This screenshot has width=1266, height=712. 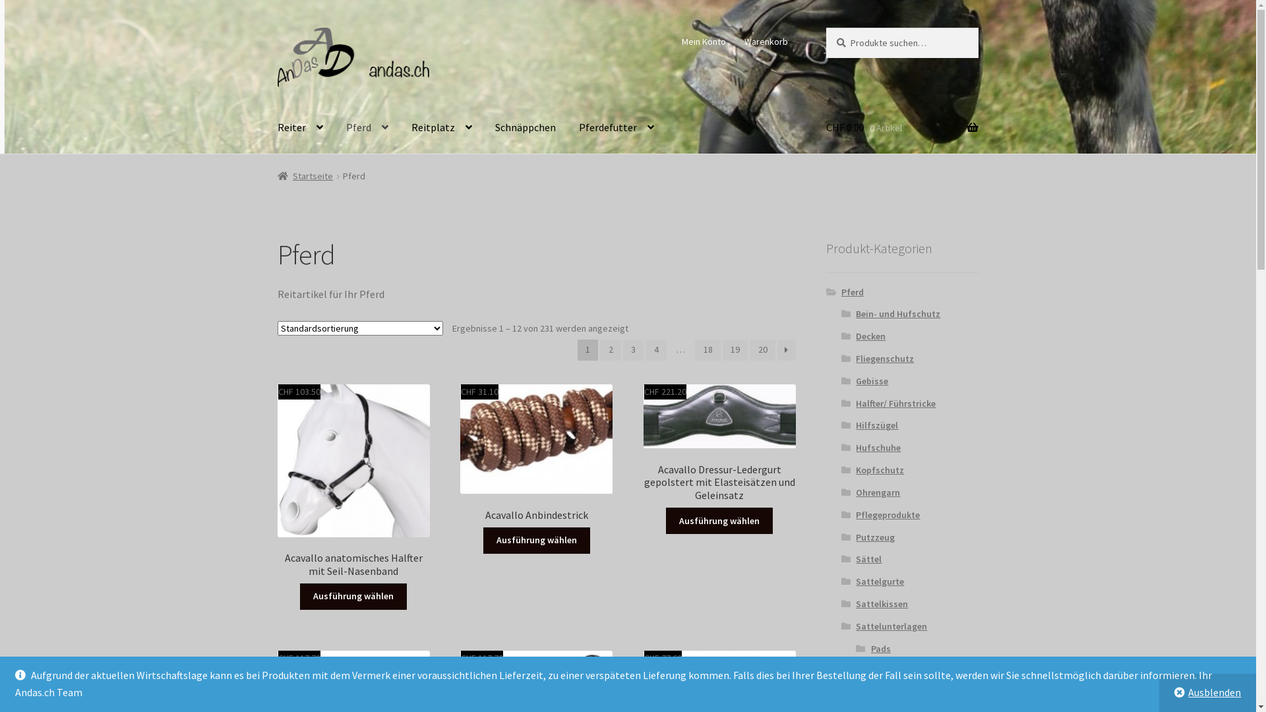 I want to click on 'Pflegeprodukte', so click(x=855, y=514).